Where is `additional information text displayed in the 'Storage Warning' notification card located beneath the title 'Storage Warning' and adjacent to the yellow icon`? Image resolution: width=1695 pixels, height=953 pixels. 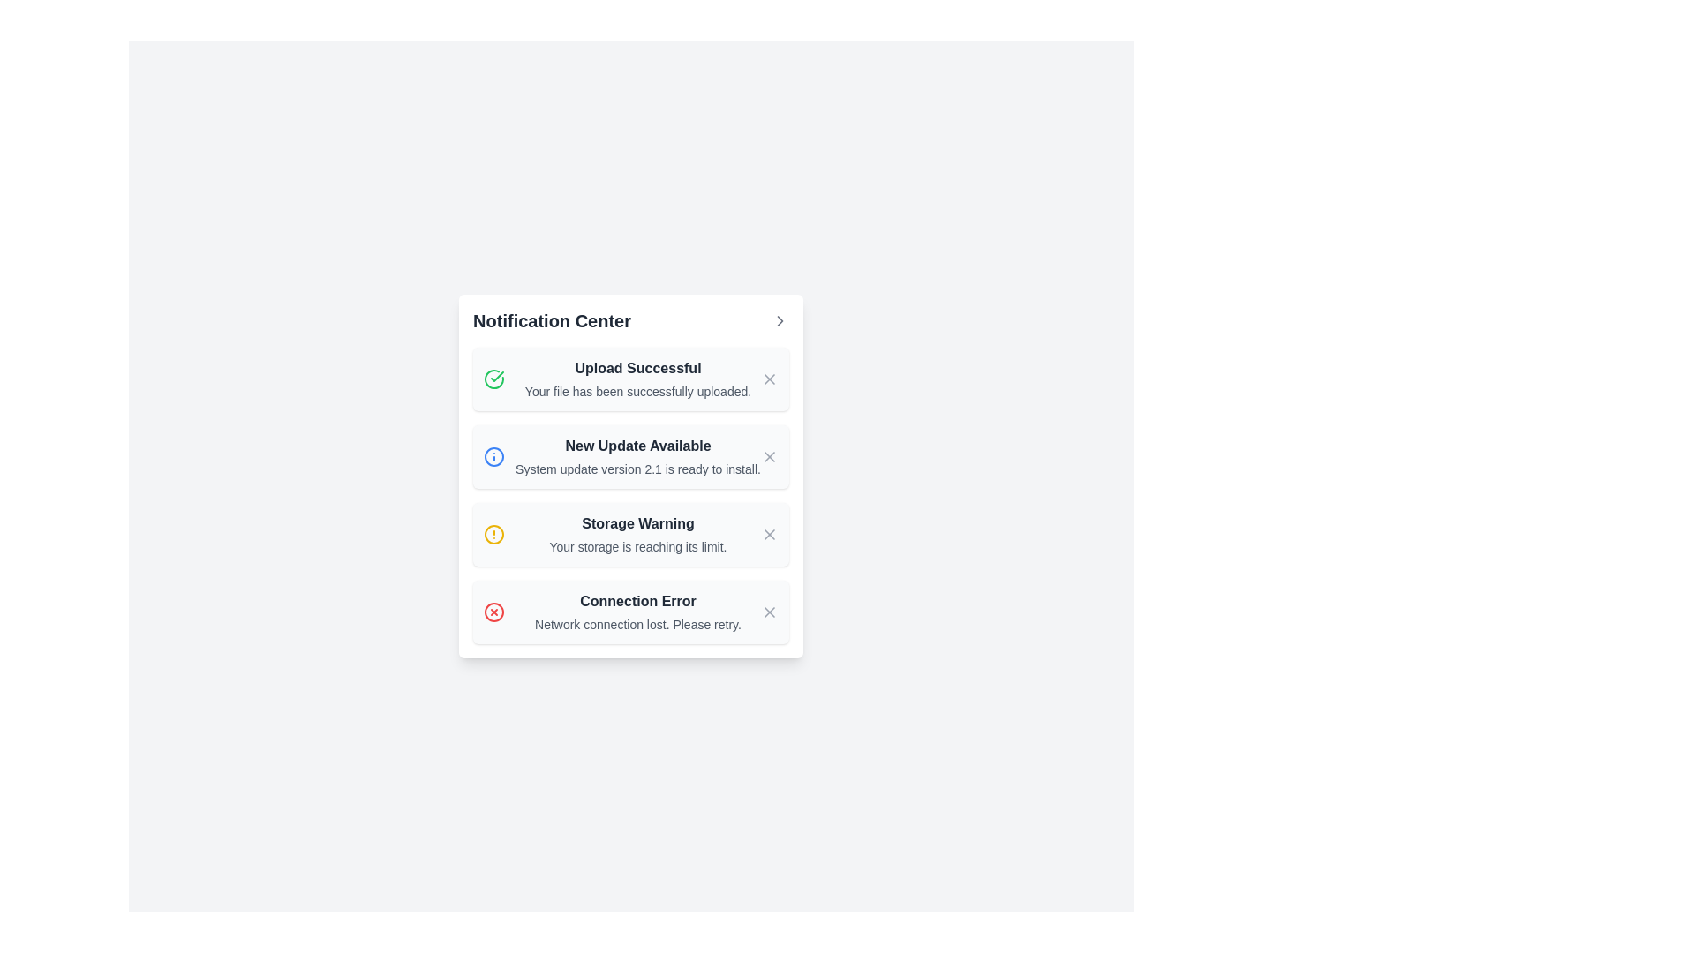
additional information text displayed in the 'Storage Warning' notification card located beneath the title 'Storage Warning' and adjacent to the yellow icon is located at coordinates (637, 545).